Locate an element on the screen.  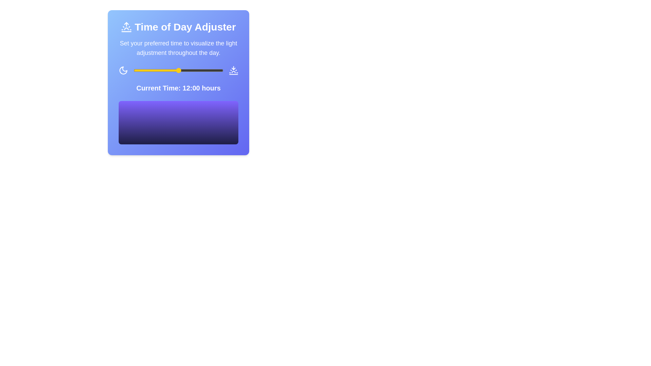
the time slider to set the time to 23 hours is located at coordinates (220, 70).